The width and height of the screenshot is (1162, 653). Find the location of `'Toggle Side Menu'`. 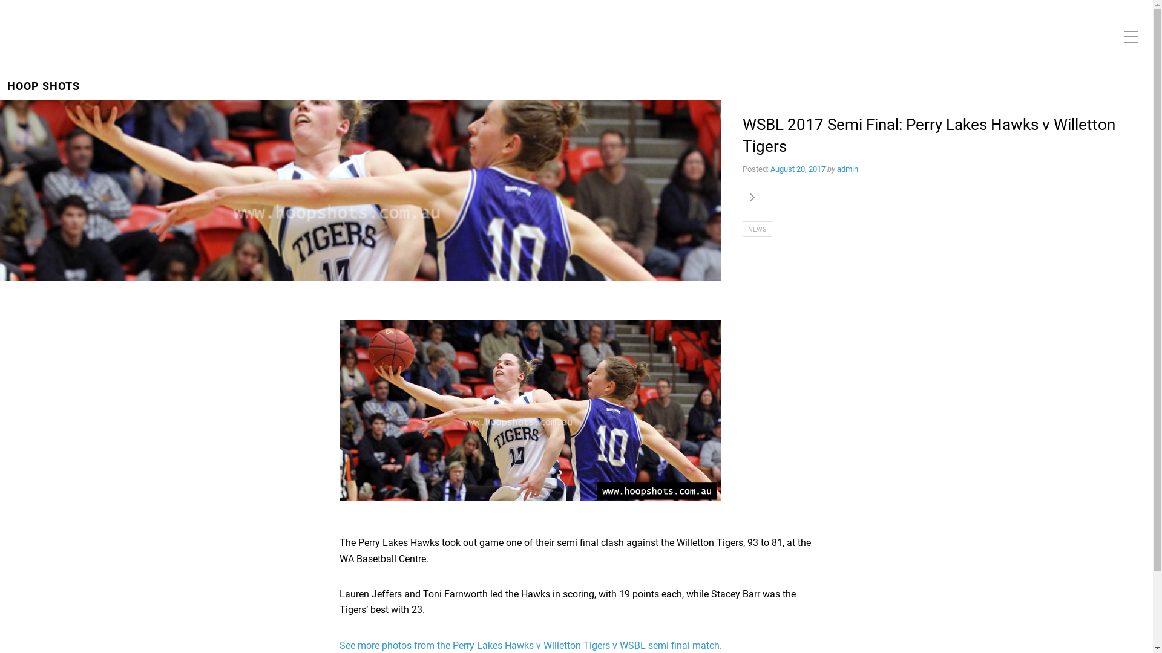

'Toggle Side Menu' is located at coordinates (1130, 36).